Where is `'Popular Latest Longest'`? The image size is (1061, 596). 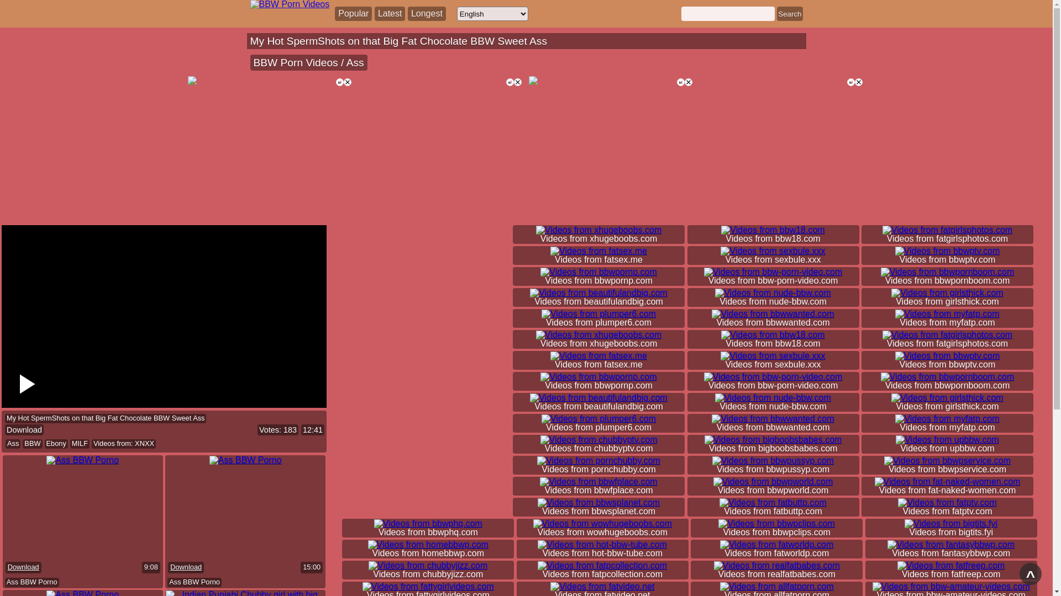
'Popular Latest Longest' is located at coordinates (390, 13).